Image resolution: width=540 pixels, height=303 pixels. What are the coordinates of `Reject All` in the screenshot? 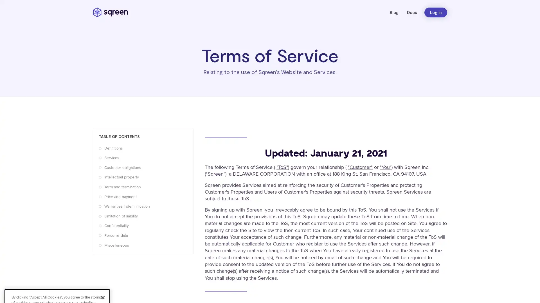 It's located at (57, 282).